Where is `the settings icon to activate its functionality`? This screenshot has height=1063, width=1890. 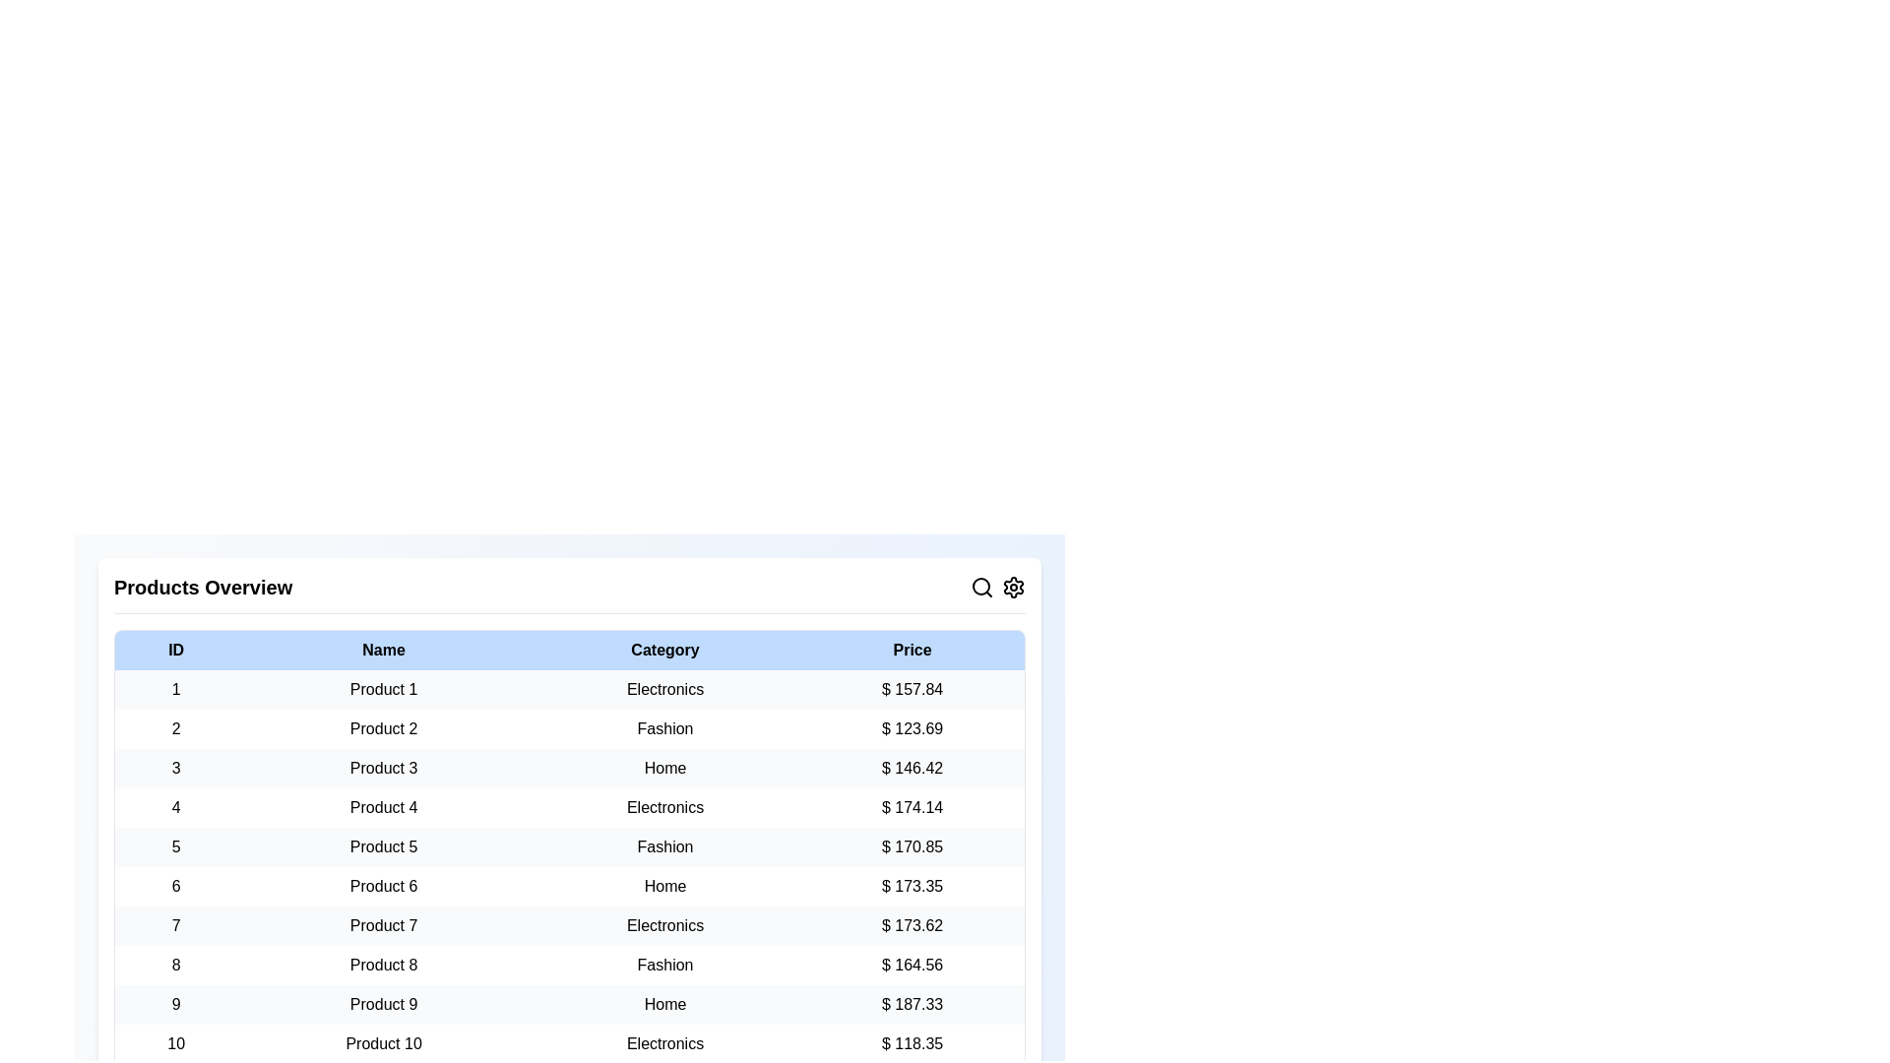
the settings icon to activate its functionality is located at coordinates (1014, 587).